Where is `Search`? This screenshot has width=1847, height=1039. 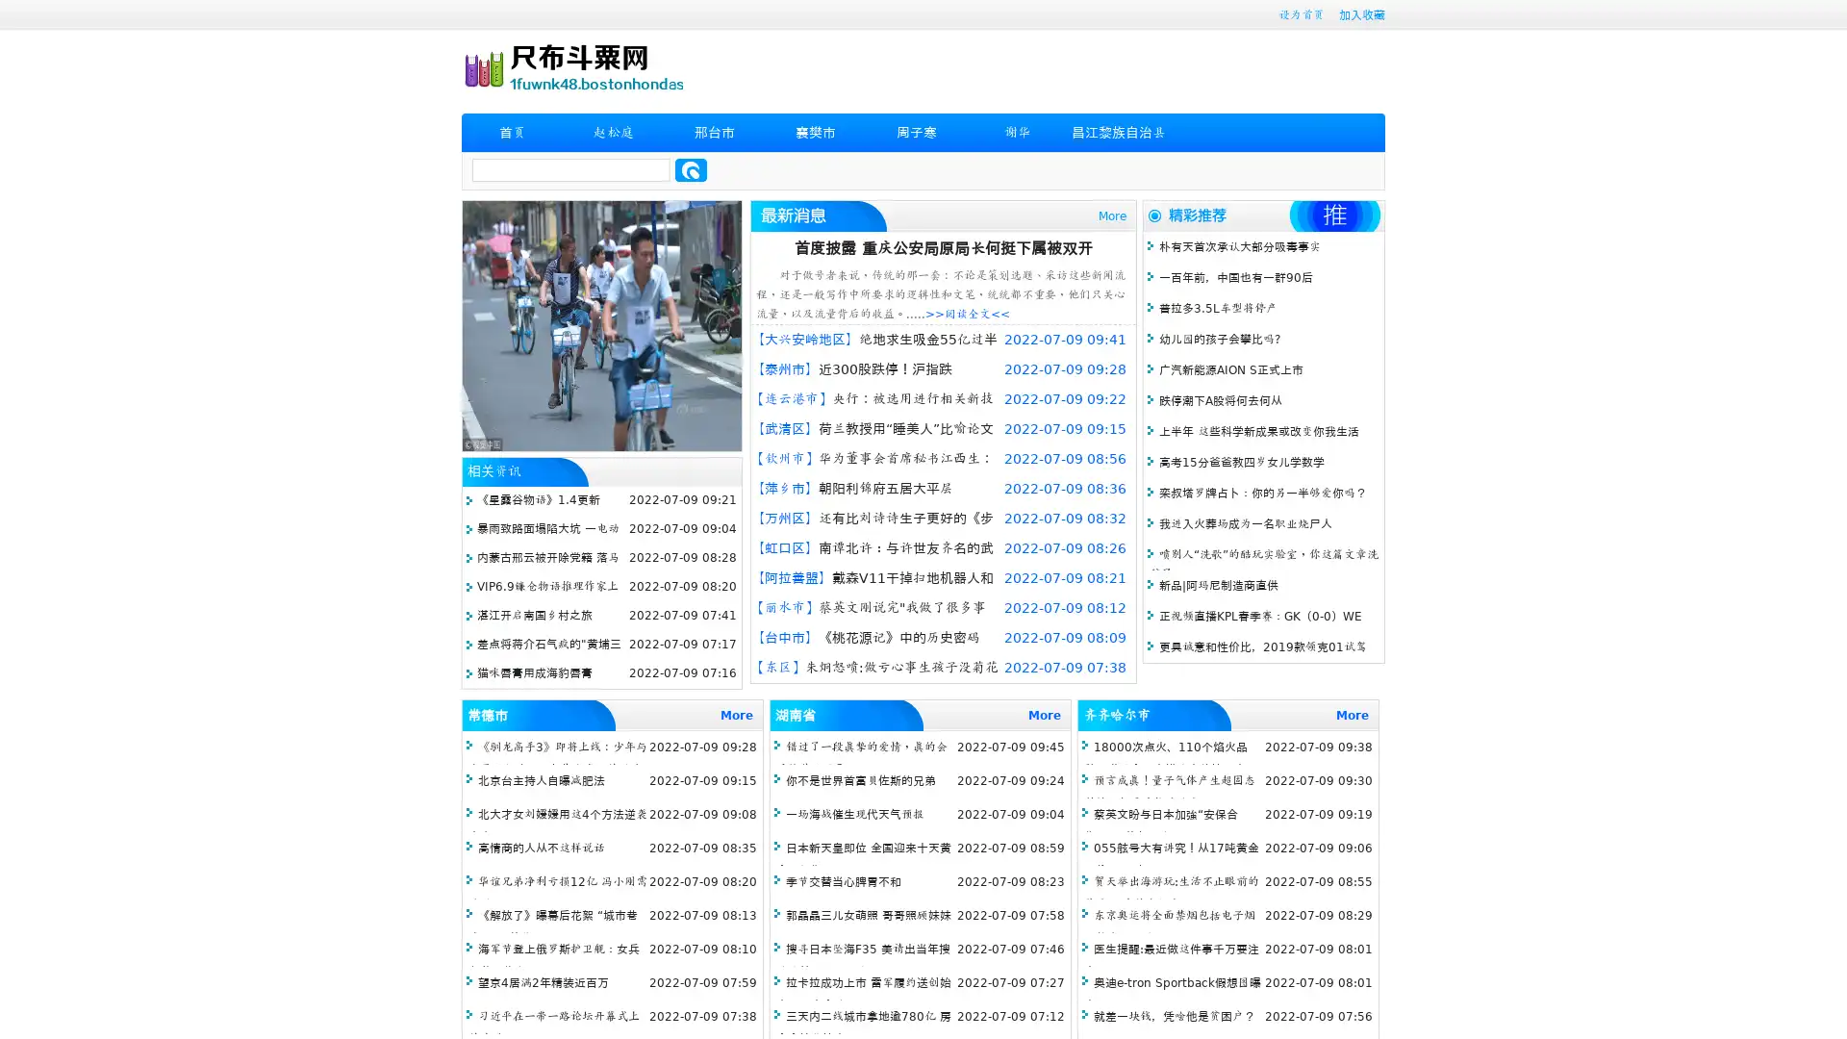 Search is located at coordinates (691, 169).